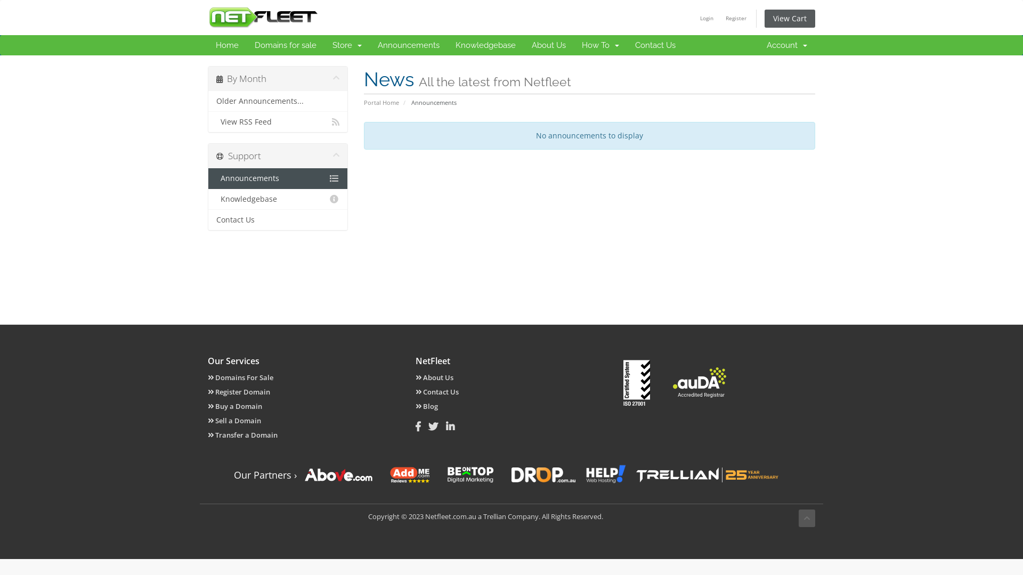  What do you see at coordinates (427, 406) in the screenshot?
I see `'Blog'` at bounding box center [427, 406].